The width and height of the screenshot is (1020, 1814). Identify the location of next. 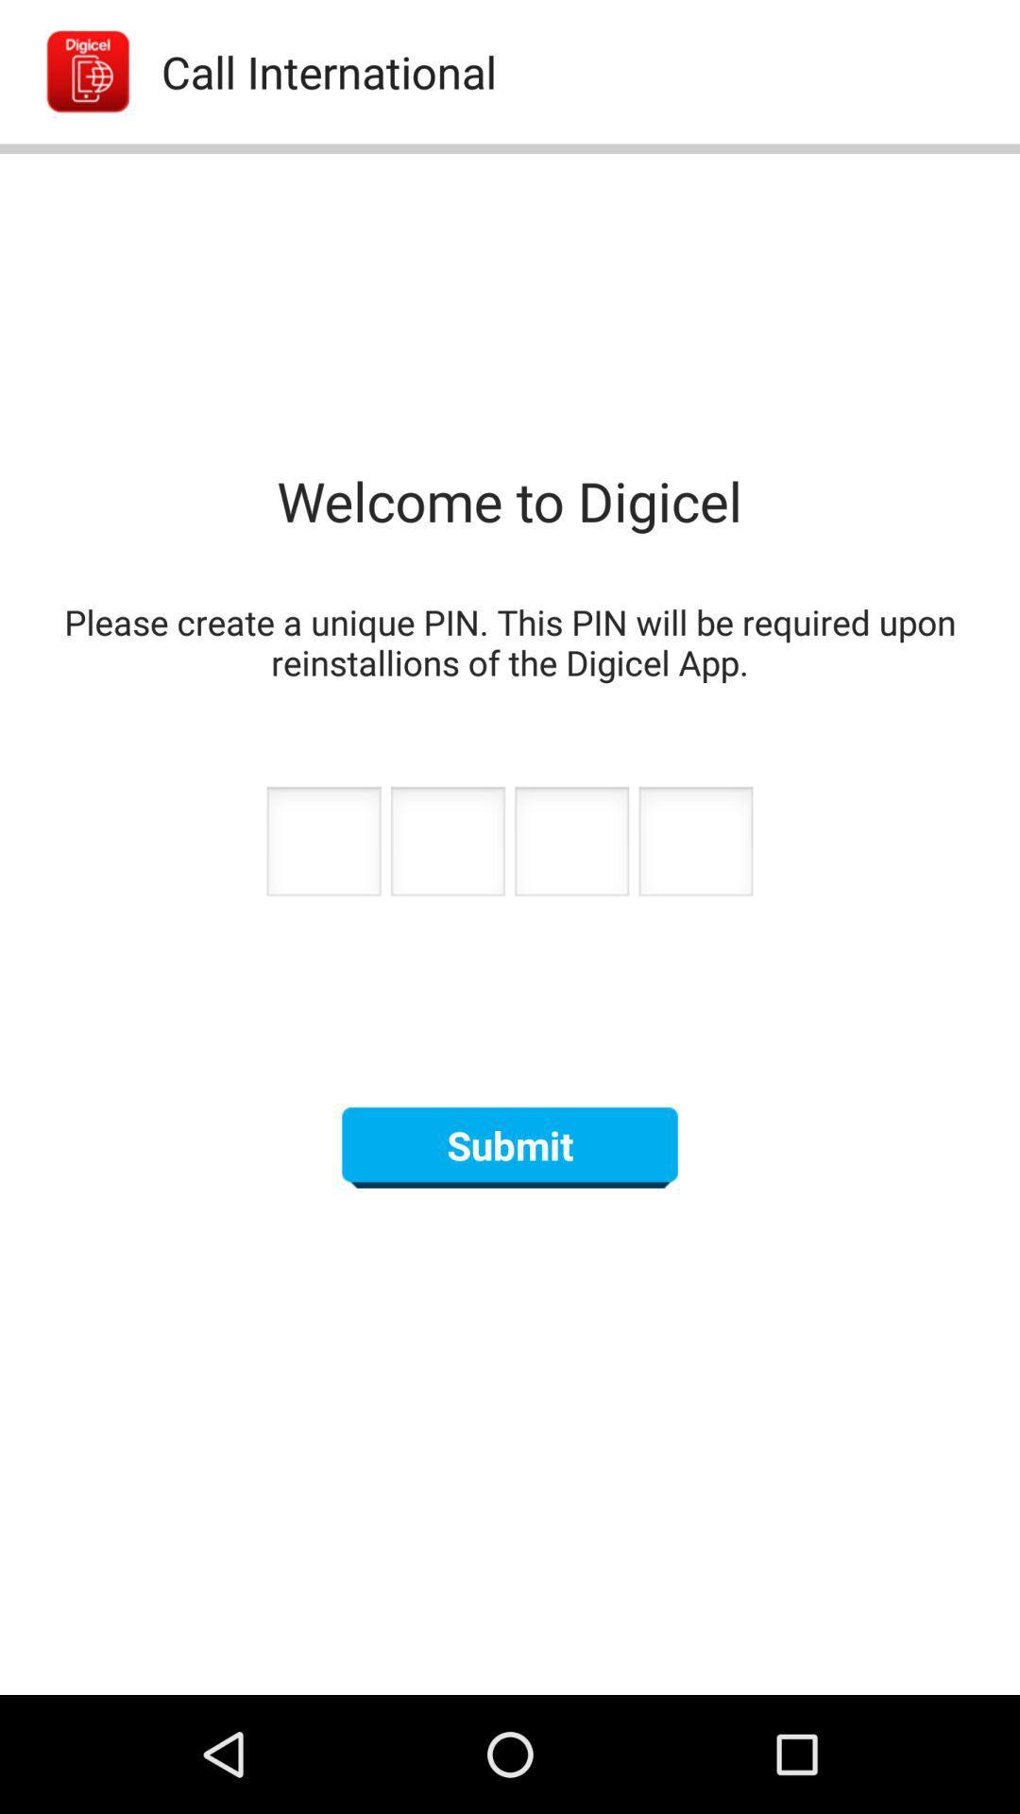
(695, 846).